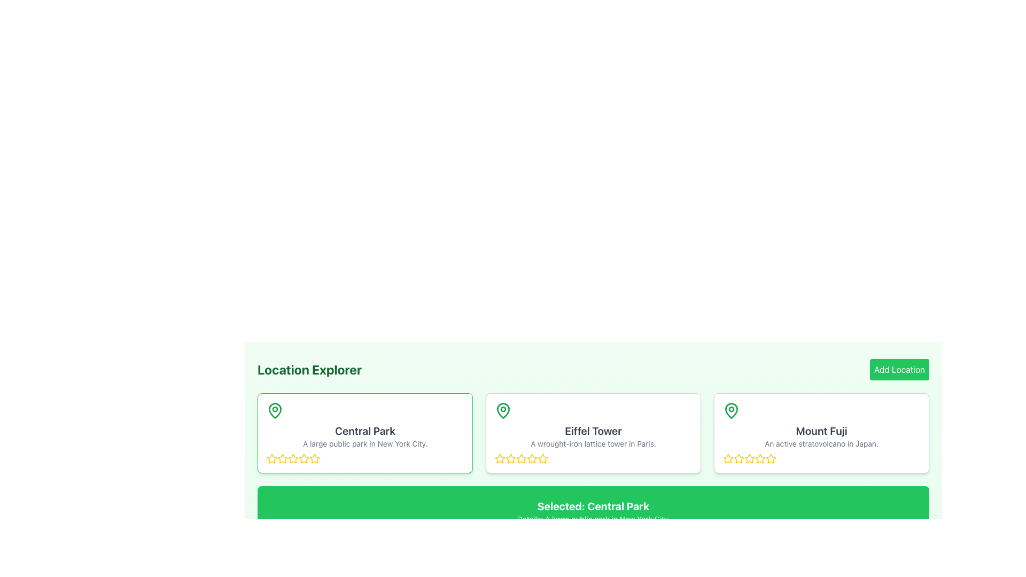  I want to click on the decorative map pin marker icon located at the top left corner of the 'Central Park' card, so click(275, 410).